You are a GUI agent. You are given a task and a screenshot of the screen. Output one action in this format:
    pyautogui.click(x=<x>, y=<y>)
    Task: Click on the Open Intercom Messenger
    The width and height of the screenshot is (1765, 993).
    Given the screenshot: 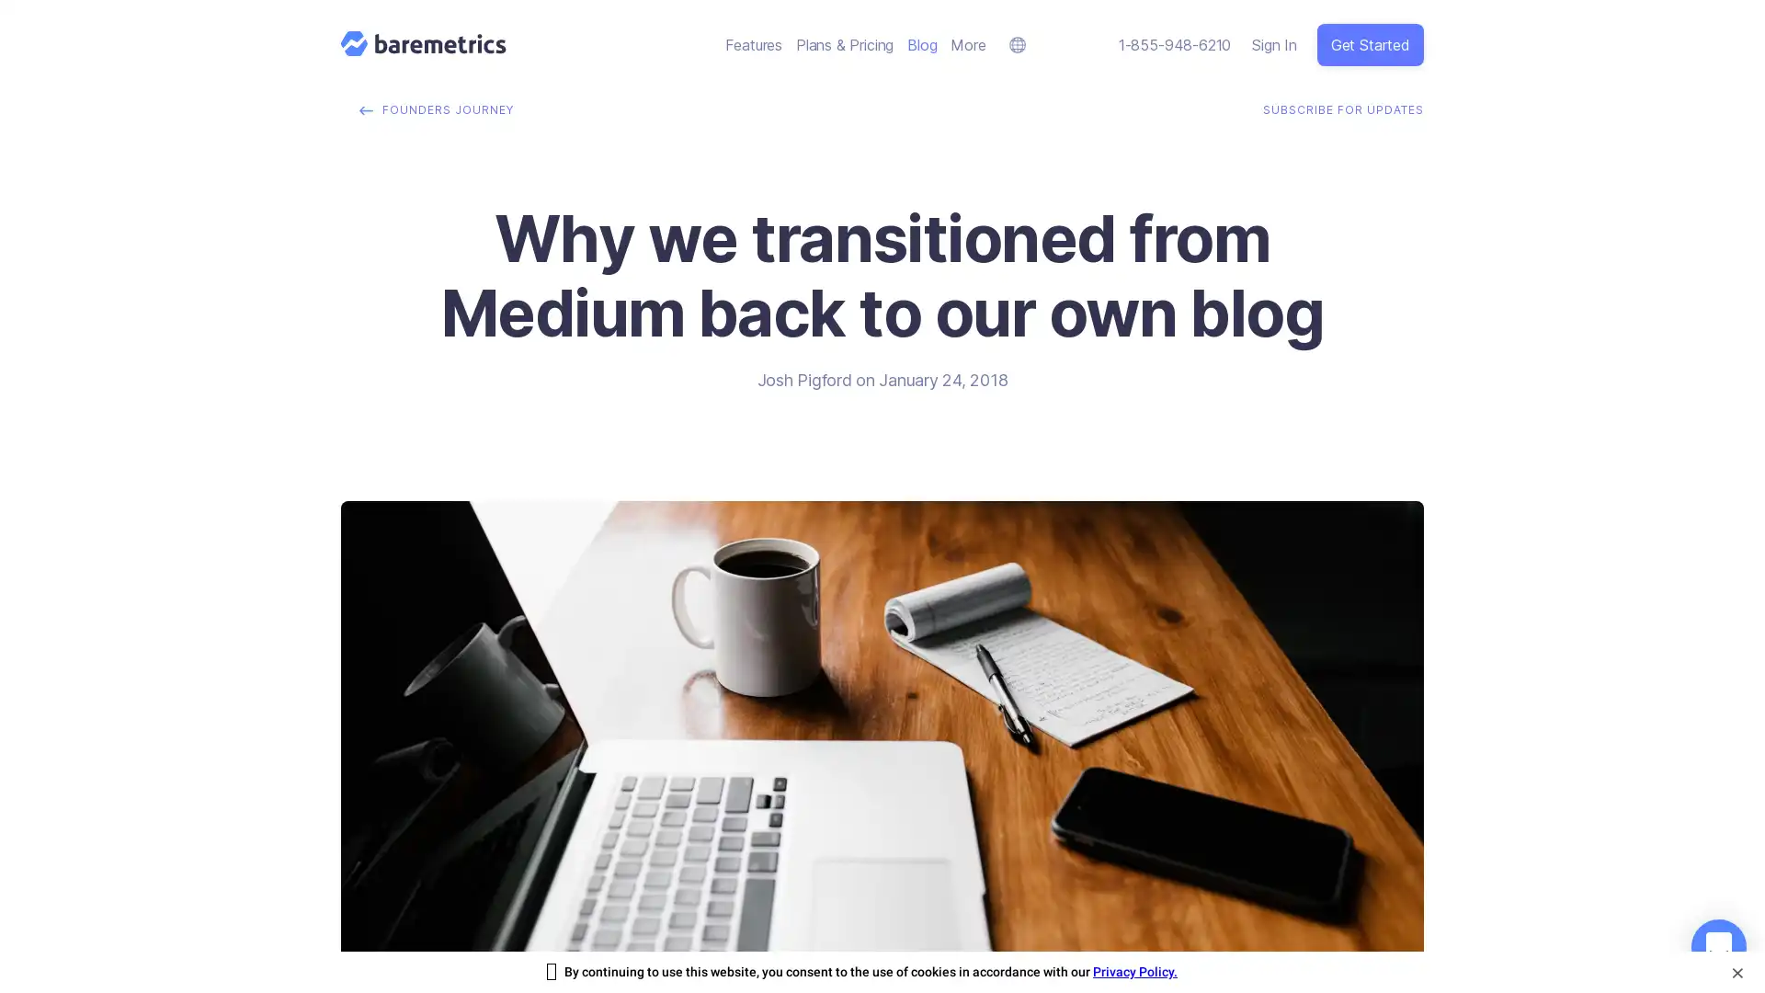 What is the action you would take?
    pyautogui.click(x=1718, y=946)
    